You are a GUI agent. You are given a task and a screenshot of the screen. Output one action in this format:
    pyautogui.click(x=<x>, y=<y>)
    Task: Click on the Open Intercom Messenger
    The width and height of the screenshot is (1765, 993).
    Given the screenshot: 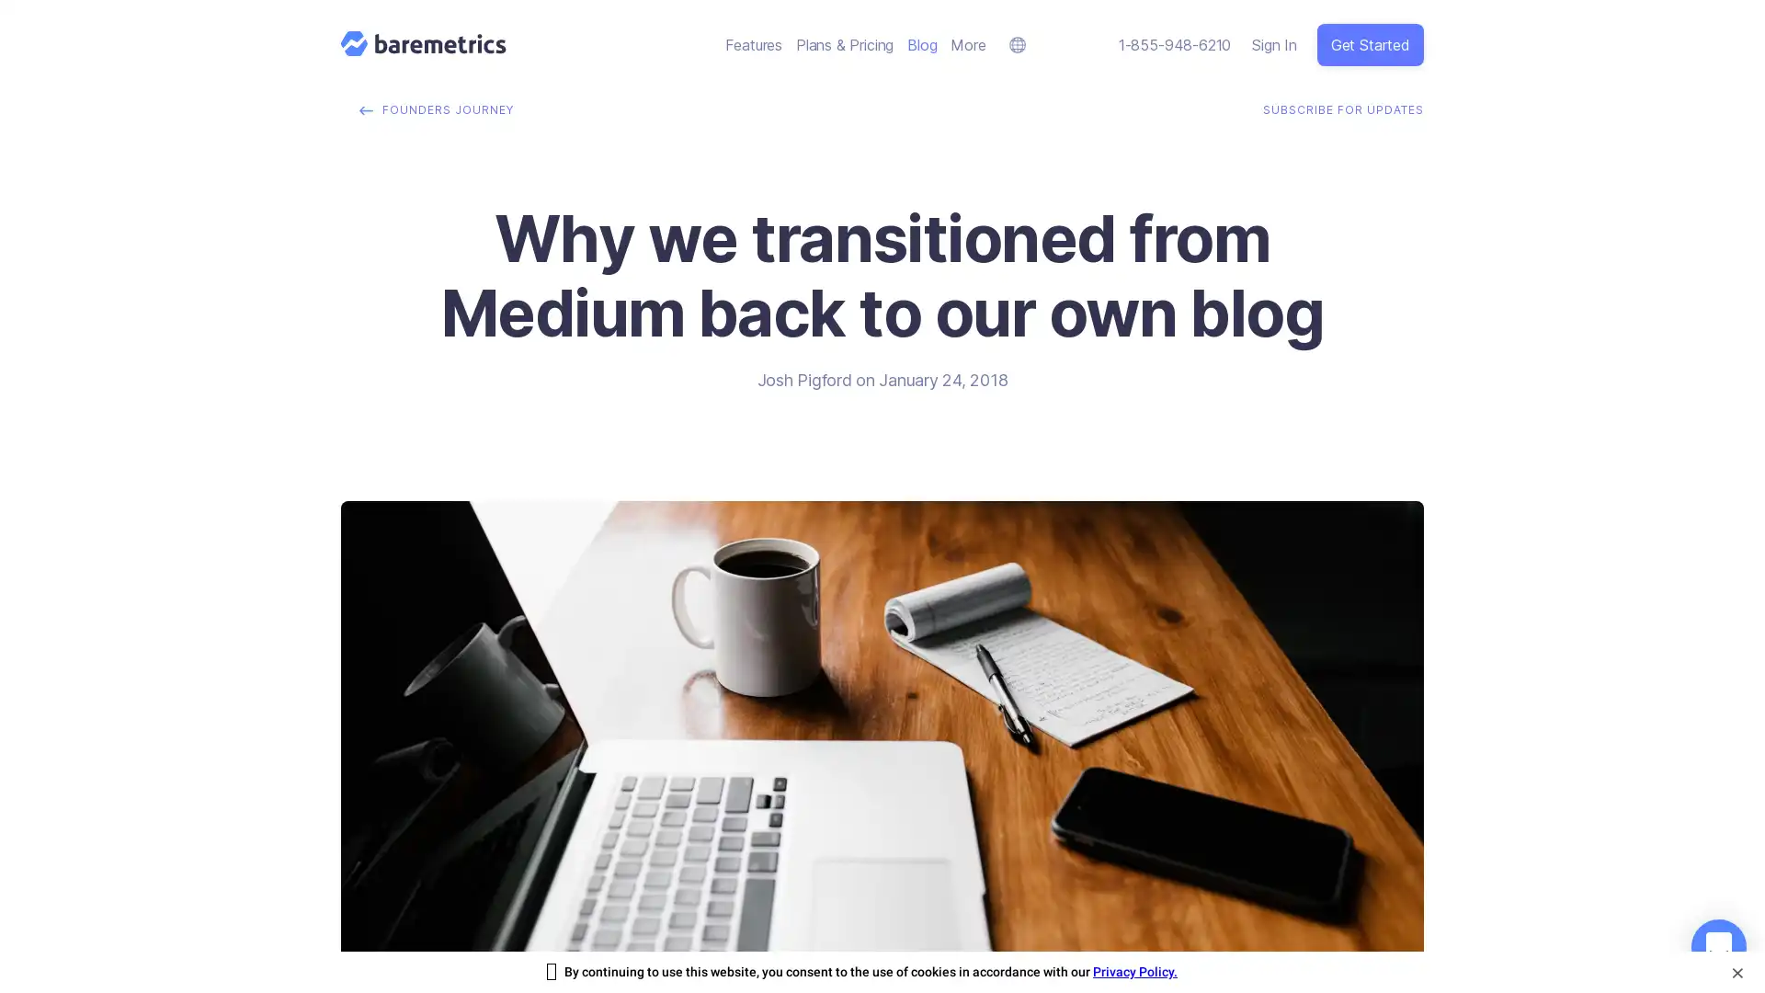 What is the action you would take?
    pyautogui.click(x=1718, y=946)
    